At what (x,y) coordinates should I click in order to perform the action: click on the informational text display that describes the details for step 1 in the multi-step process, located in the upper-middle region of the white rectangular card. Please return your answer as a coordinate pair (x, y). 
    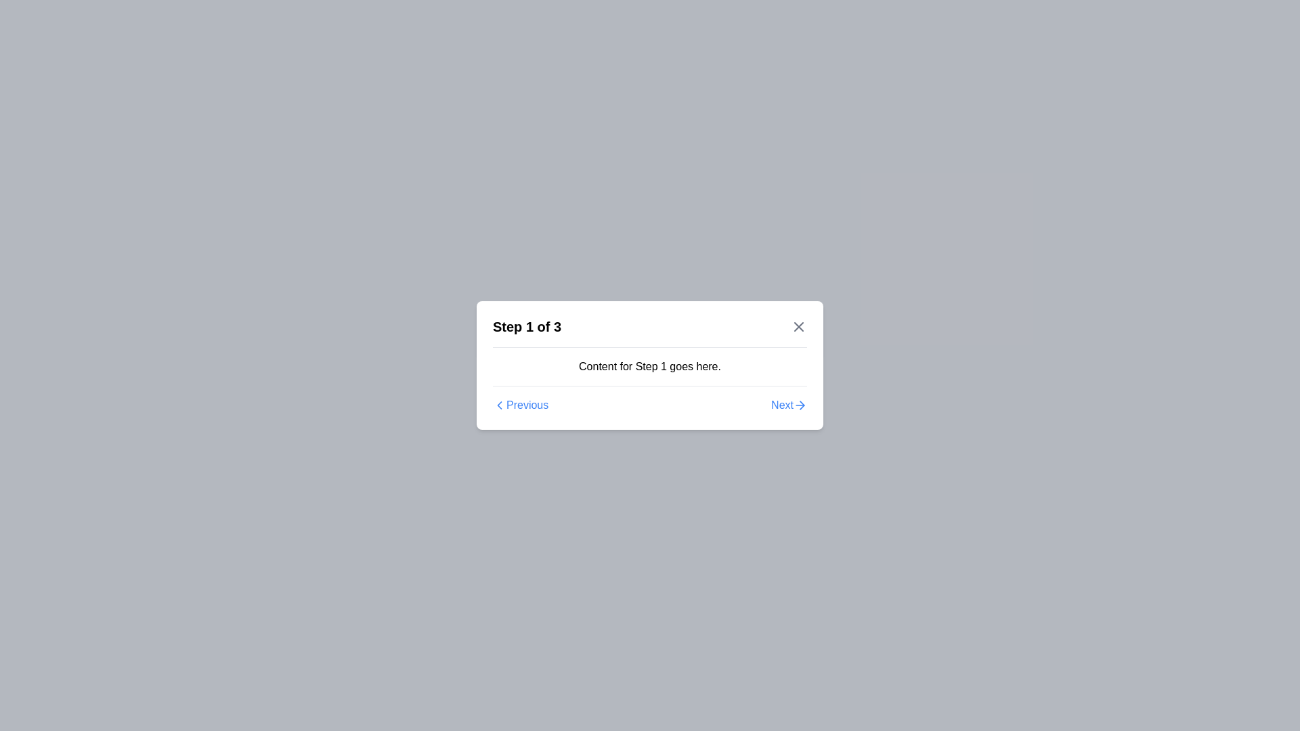
    Looking at the image, I should click on (650, 367).